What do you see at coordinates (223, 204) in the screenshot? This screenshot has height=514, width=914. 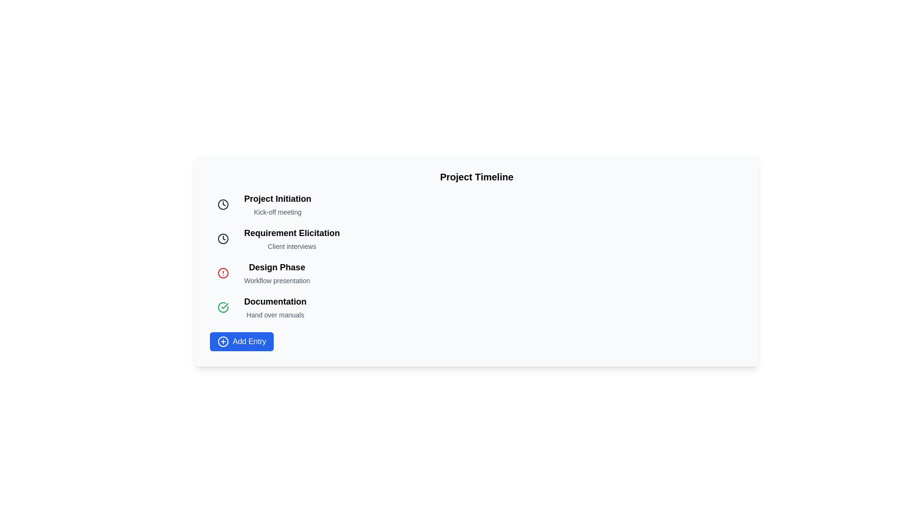 I see `the SVG Circle Element that forms the outline of a clock, located next to the 'Requirement Elicitation' text in the 'Project Timeline' list` at bounding box center [223, 204].